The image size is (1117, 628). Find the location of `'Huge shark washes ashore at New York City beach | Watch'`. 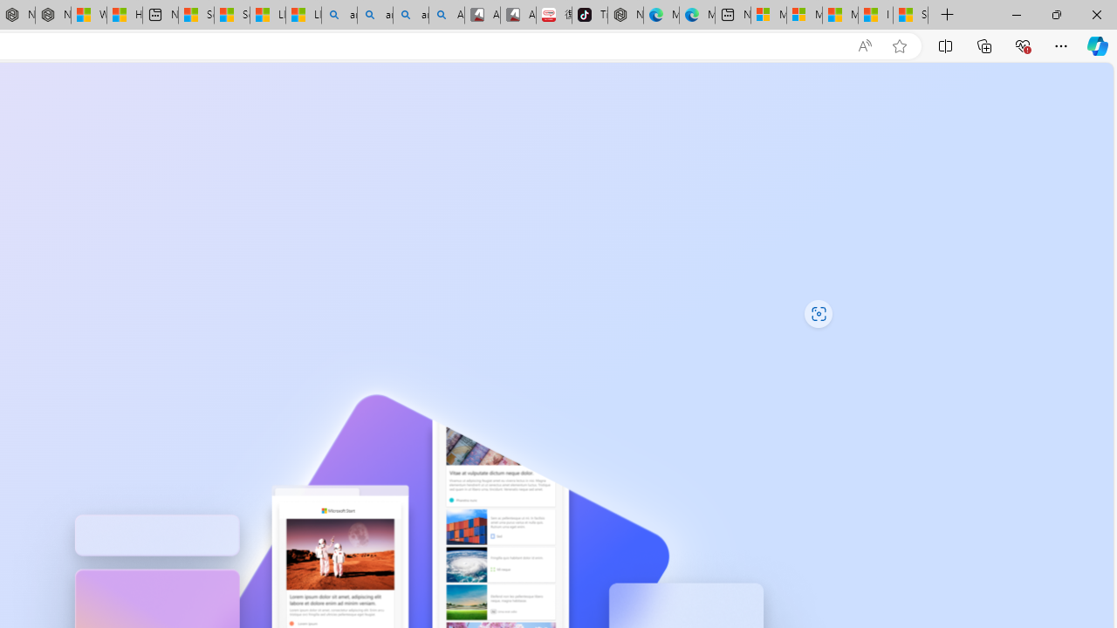

'Huge shark washes ashore at New York City beach | Watch' is located at coordinates (123, 15).